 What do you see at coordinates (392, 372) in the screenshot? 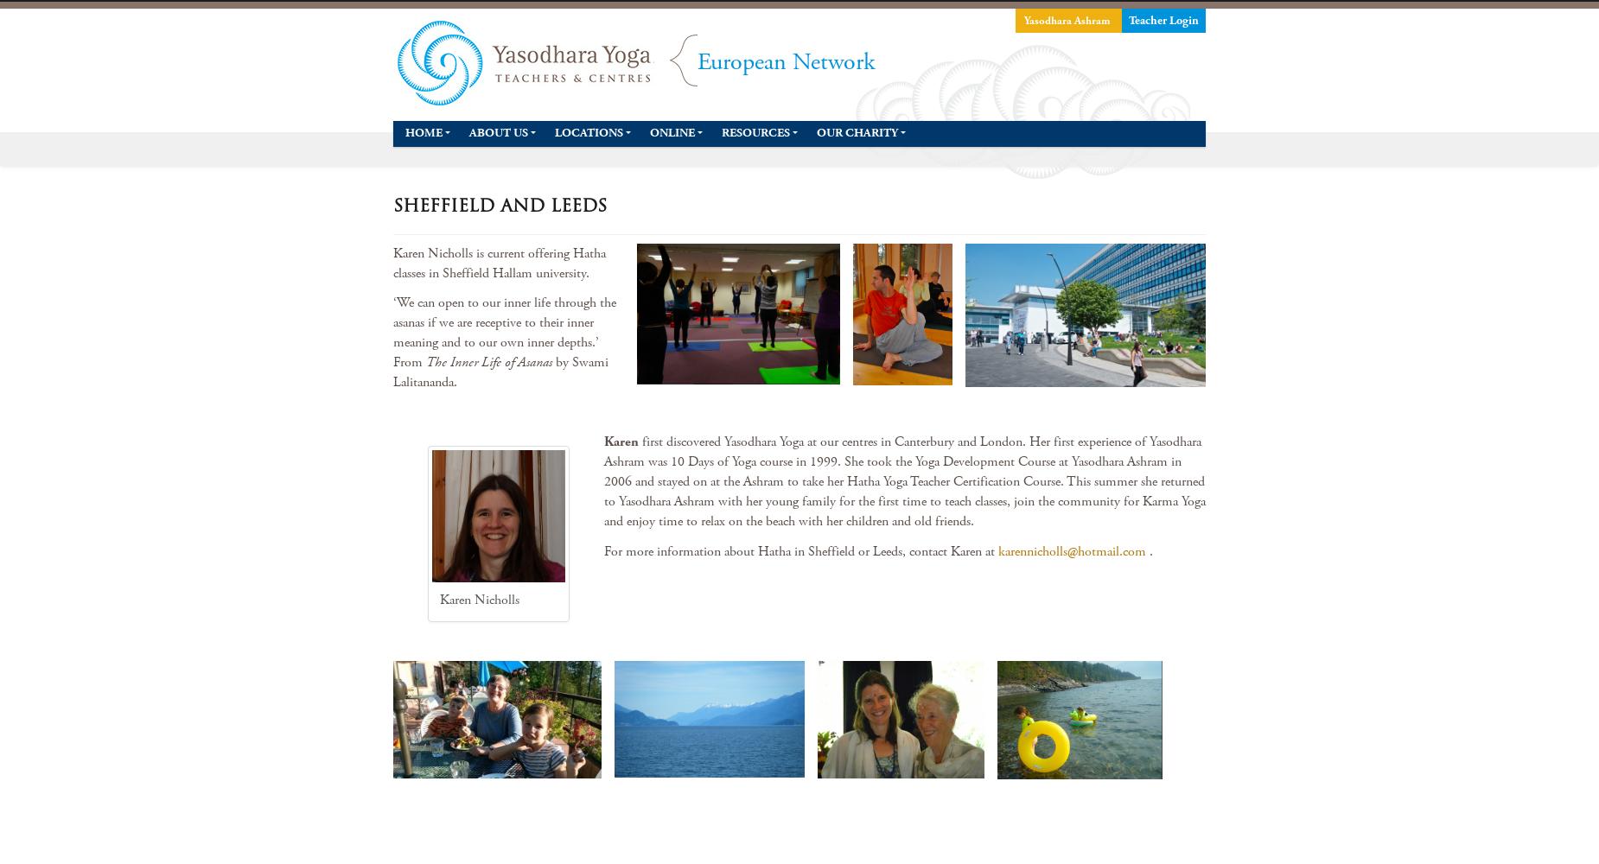
I see `'by Swami Lalitananda.'` at bounding box center [392, 372].